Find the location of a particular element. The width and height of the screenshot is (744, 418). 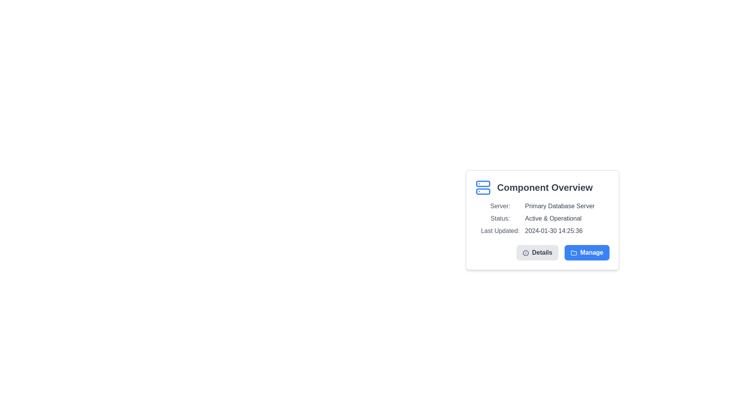

the Header element that contains a blue server icon and the text 'Component Overview', which is styled in bold and large font, and positioned at the top of a white card is located at coordinates (542, 188).